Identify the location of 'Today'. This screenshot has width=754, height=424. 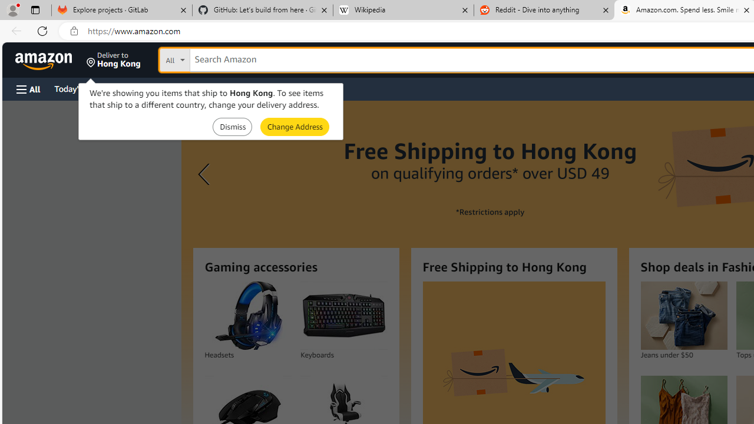
(78, 88).